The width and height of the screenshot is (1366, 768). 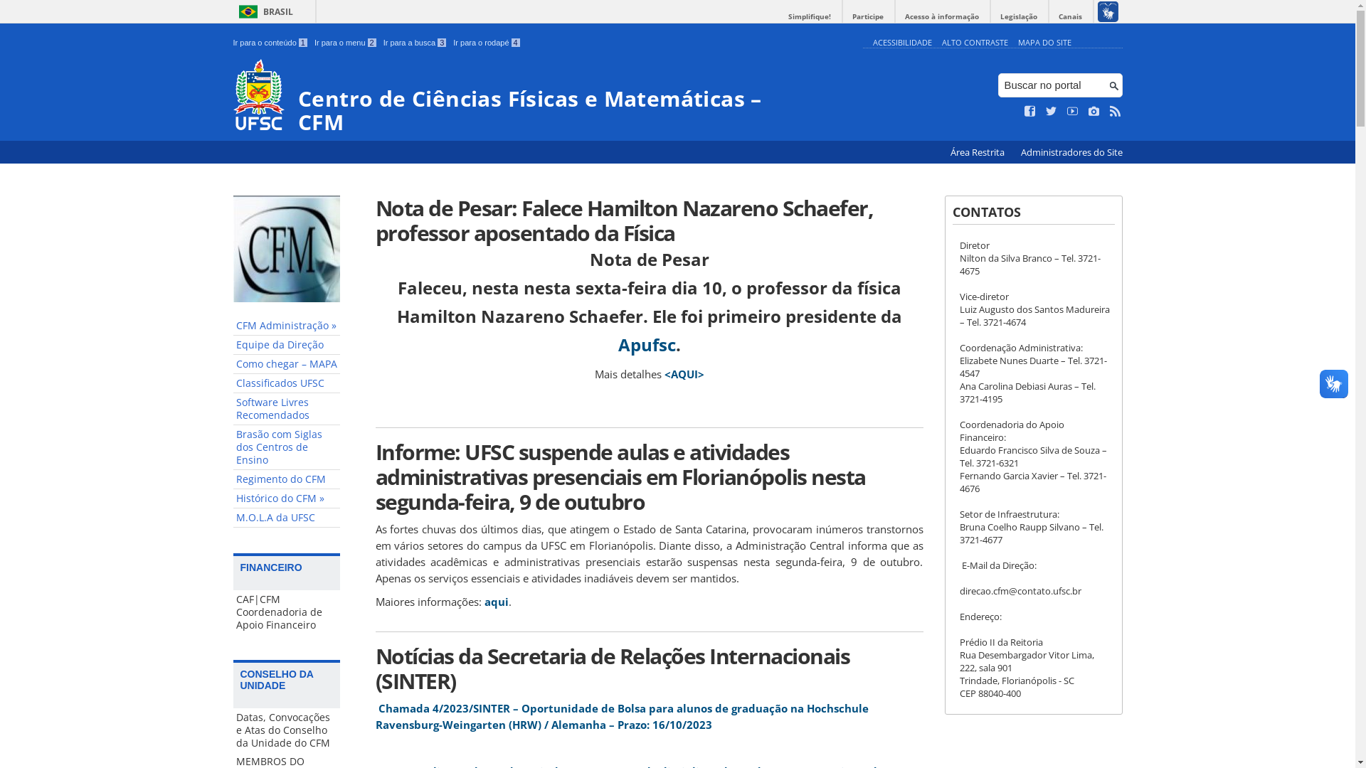 What do you see at coordinates (684, 373) in the screenshot?
I see `'<AQUI>'` at bounding box center [684, 373].